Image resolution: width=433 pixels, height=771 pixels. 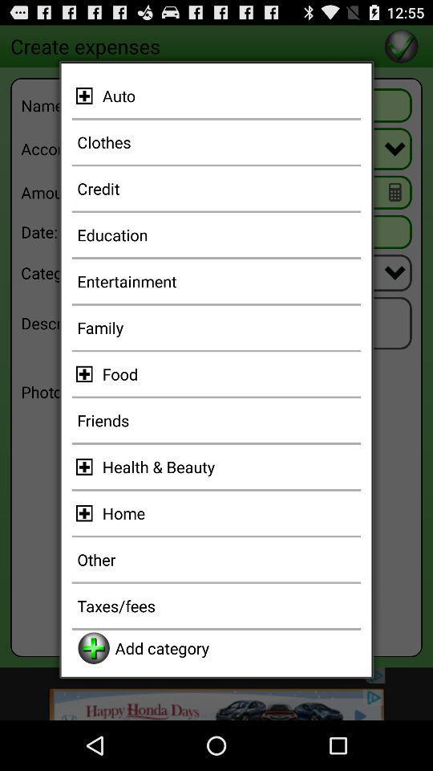 What do you see at coordinates (87, 96) in the screenshot?
I see `new vehicle expense` at bounding box center [87, 96].